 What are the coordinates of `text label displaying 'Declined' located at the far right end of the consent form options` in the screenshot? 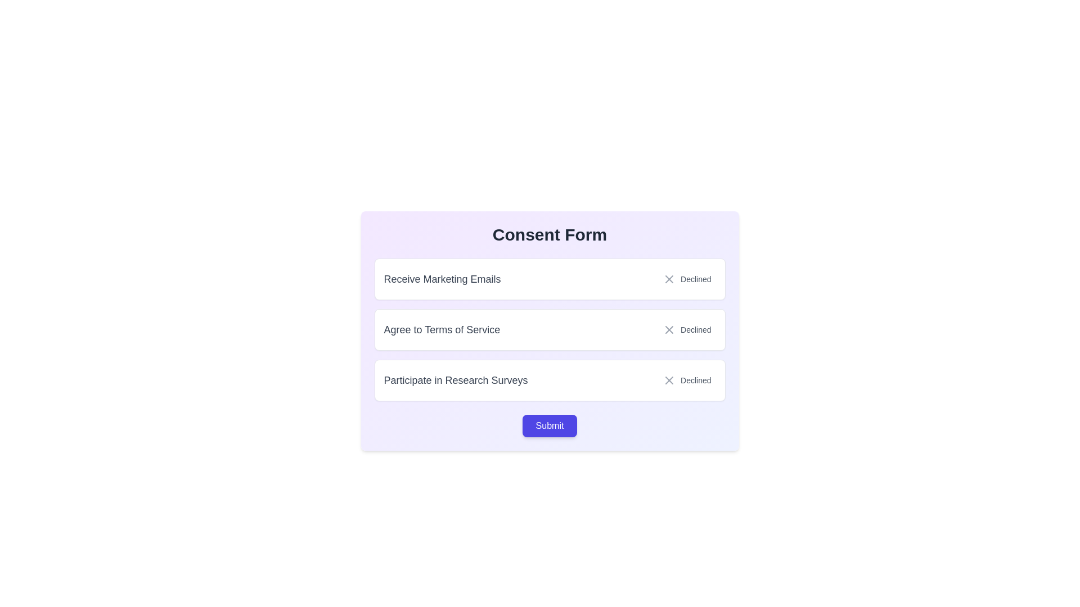 It's located at (695, 380).